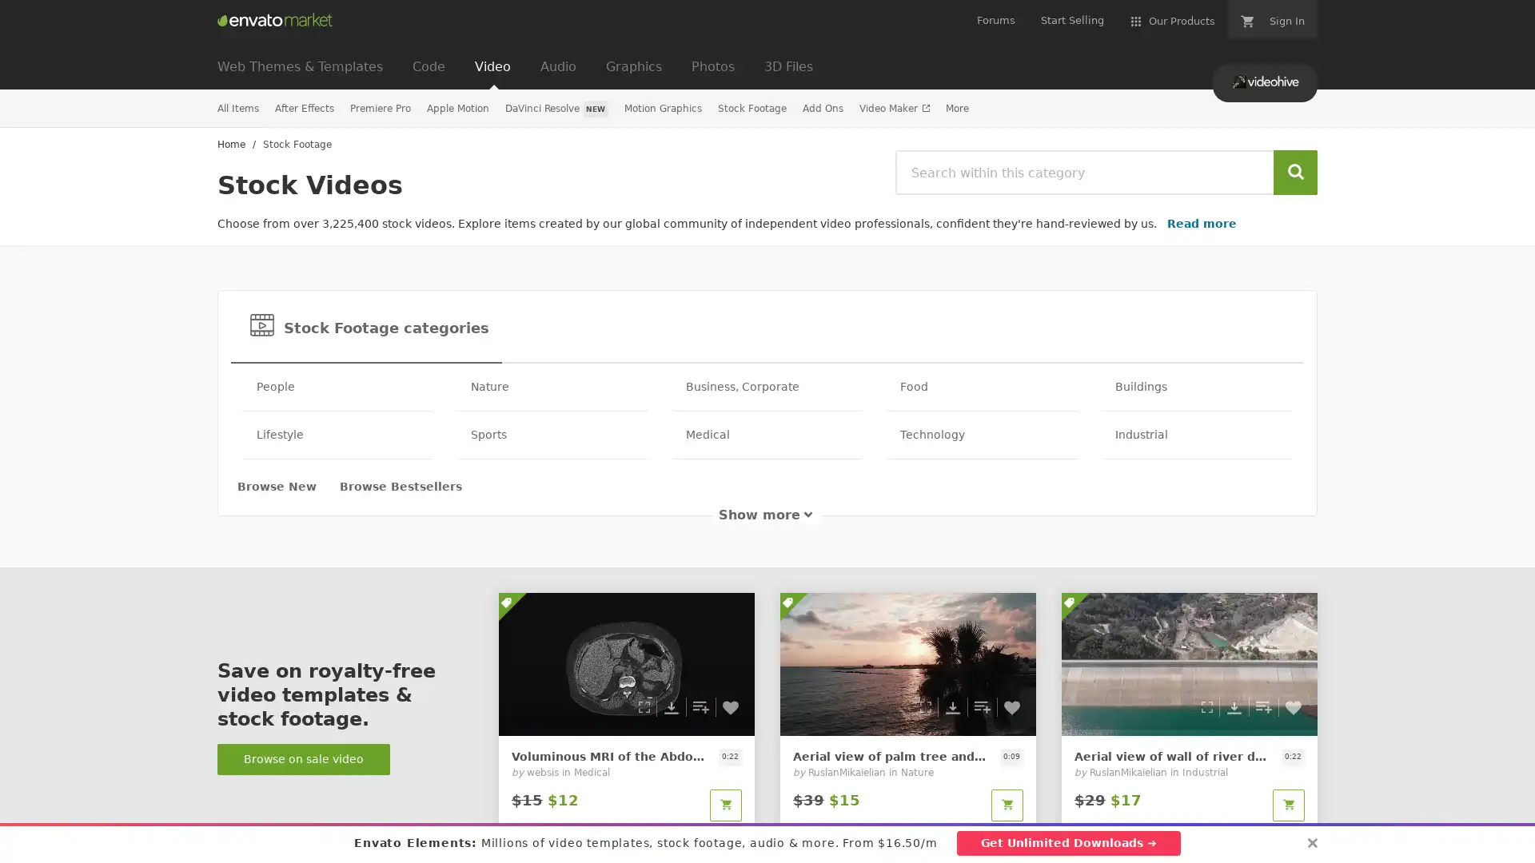  What do you see at coordinates (1006, 805) in the screenshot?
I see `Add to cart` at bounding box center [1006, 805].